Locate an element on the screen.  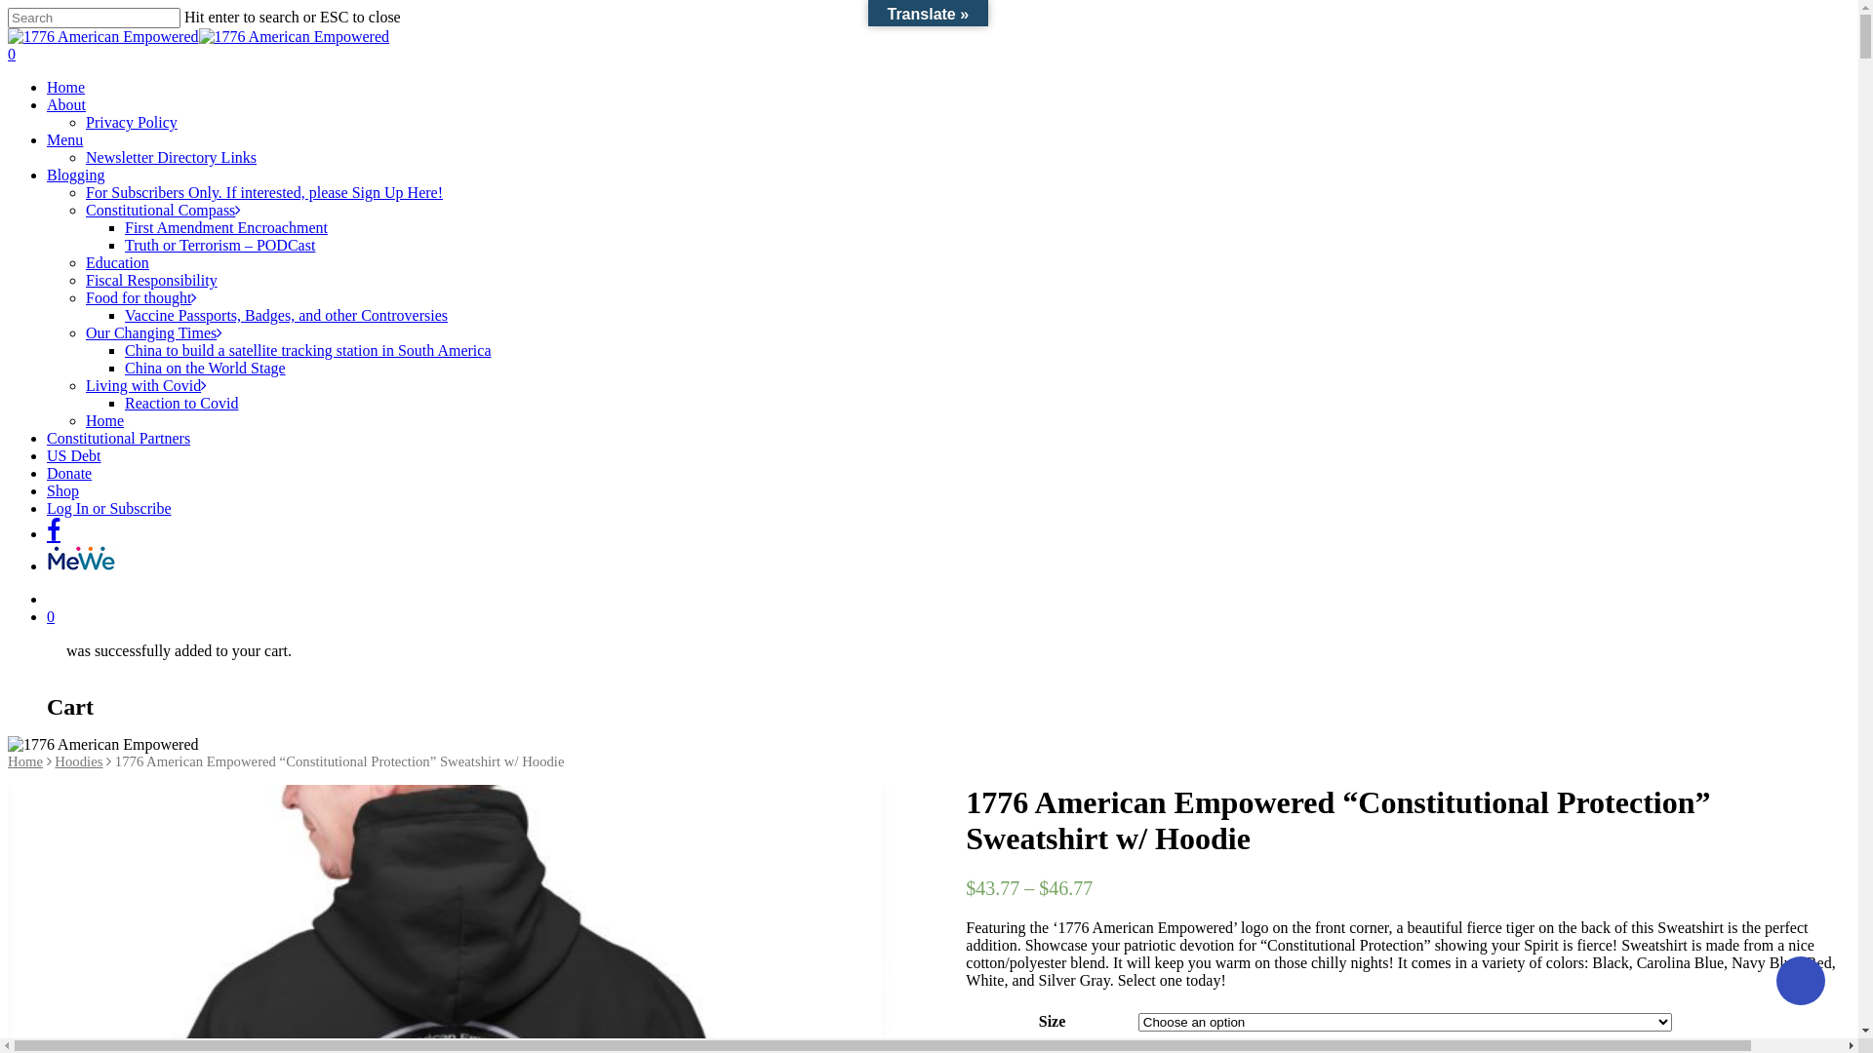
'First Amendment Encroachment' is located at coordinates (225, 226).